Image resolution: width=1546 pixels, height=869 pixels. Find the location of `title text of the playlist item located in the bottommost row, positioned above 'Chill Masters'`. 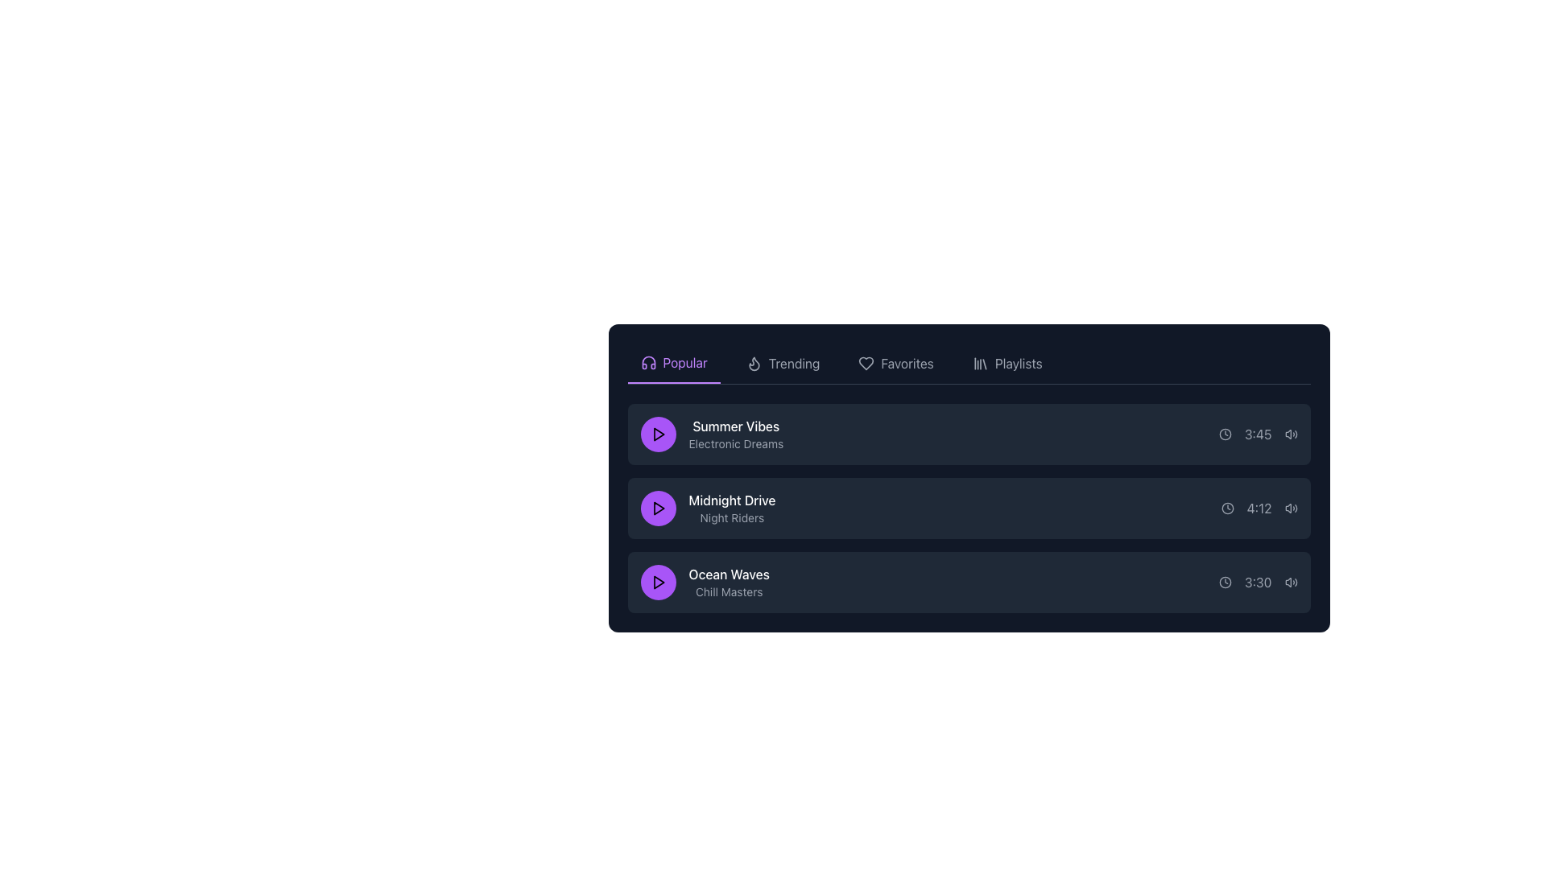

title text of the playlist item located in the bottommost row, positioned above 'Chill Masters' is located at coordinates (728, 573).